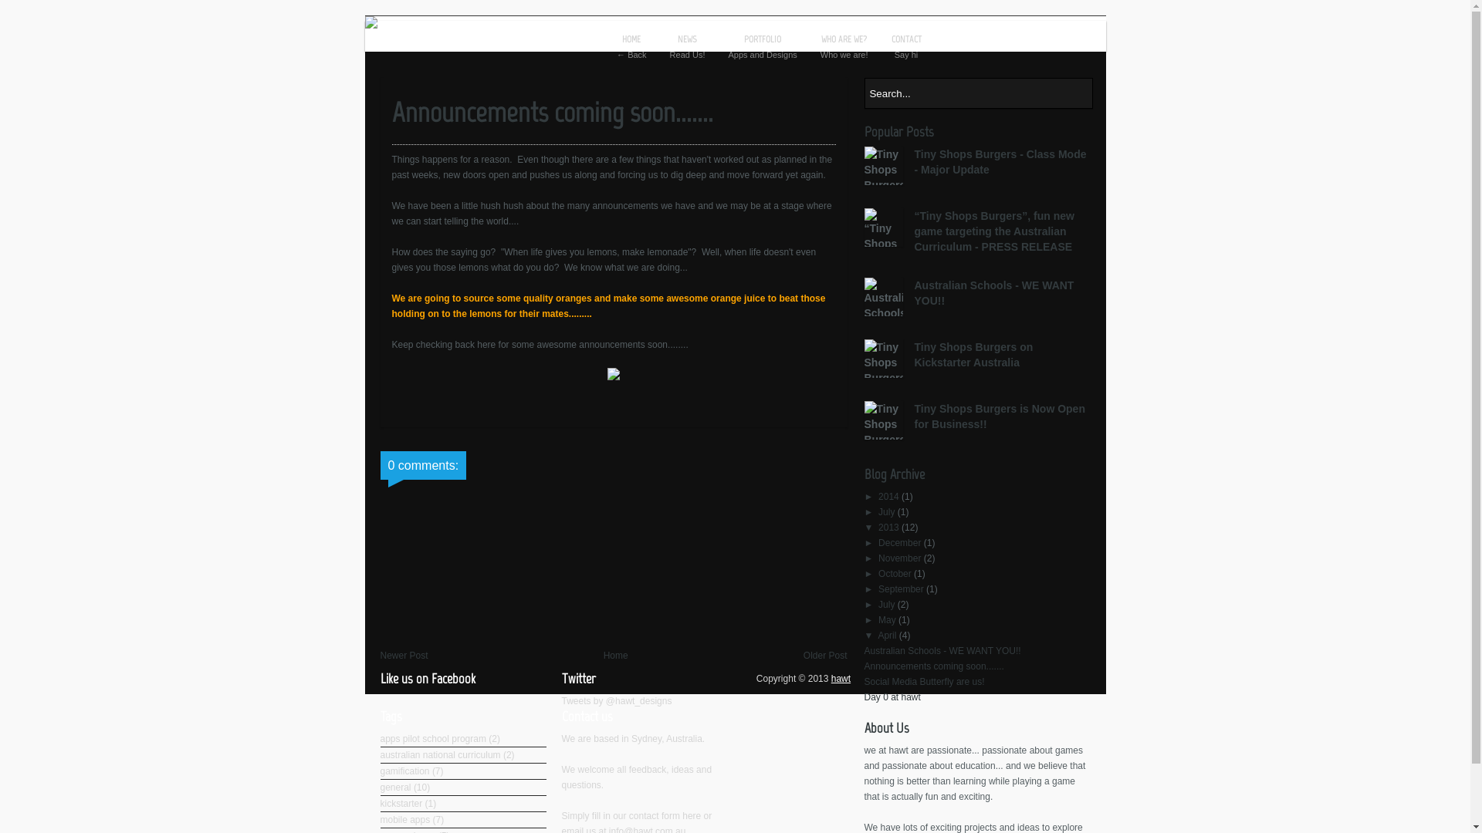 This screenshot has height=833, width=1482. I want to click on 'NEWS, so click(687, 46).